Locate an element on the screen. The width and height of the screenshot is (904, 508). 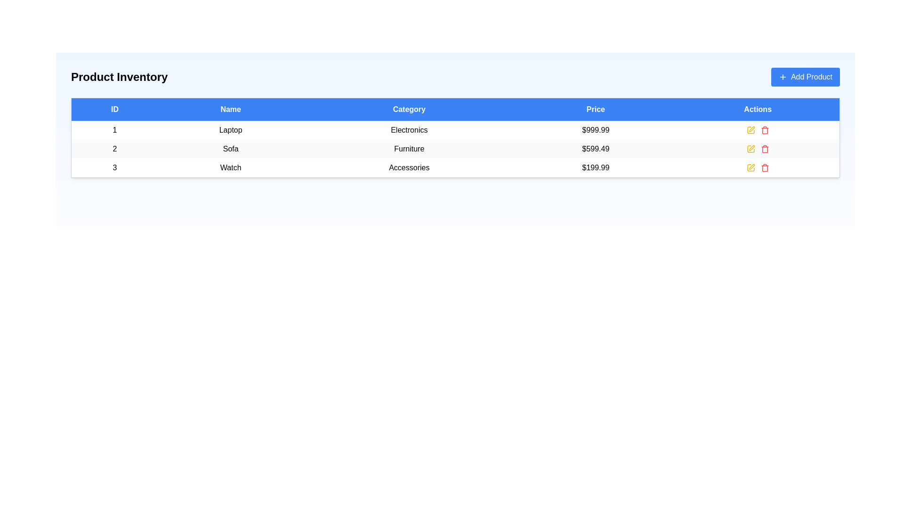
the plus-shaped icon within the 'Add Product' button is located at coordinates (783, 77).